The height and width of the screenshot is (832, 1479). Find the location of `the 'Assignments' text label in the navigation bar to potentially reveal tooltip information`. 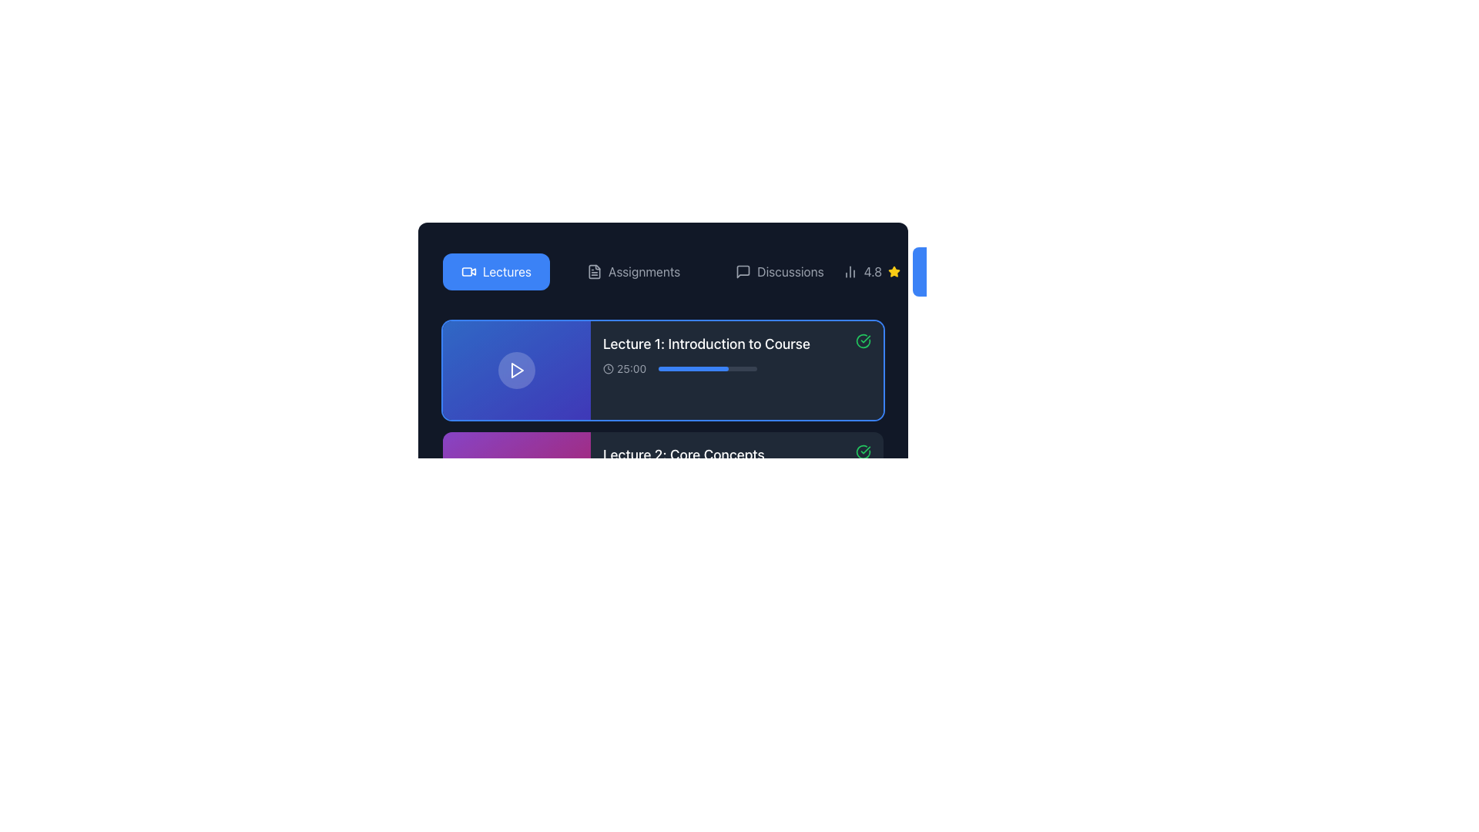

the 'Assignments' text label in the navigation bar to potentially reveal tooltip information is located at coordinates (644, 271).